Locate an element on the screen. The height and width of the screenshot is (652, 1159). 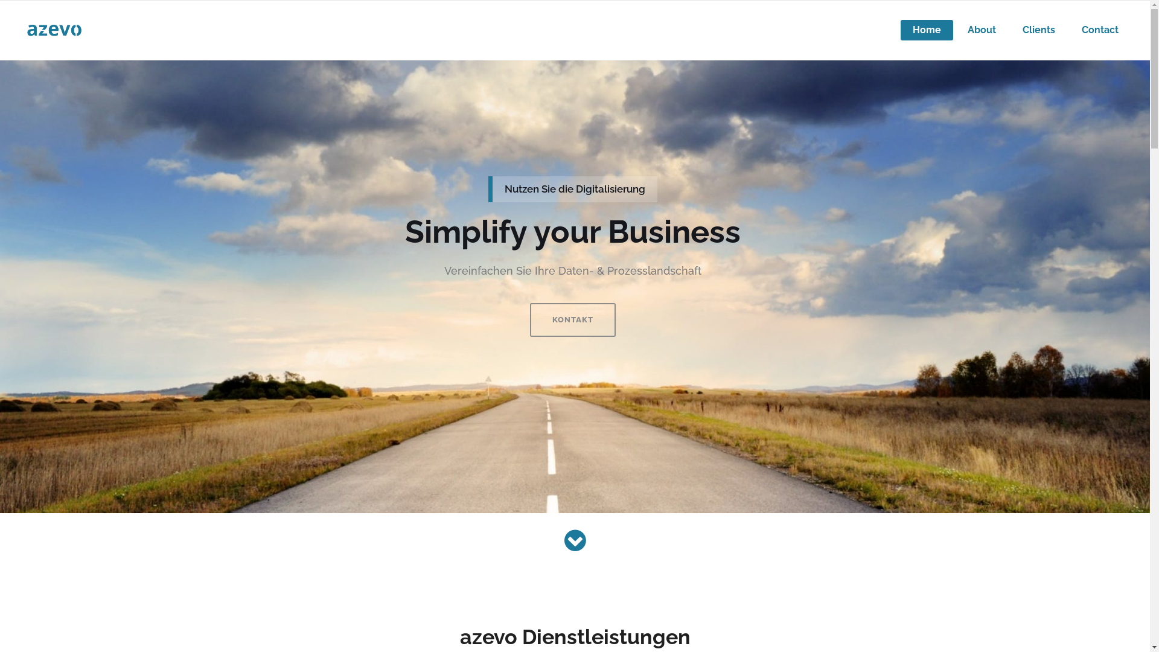
'KONTAKT' is located at coordinates (572, 319).